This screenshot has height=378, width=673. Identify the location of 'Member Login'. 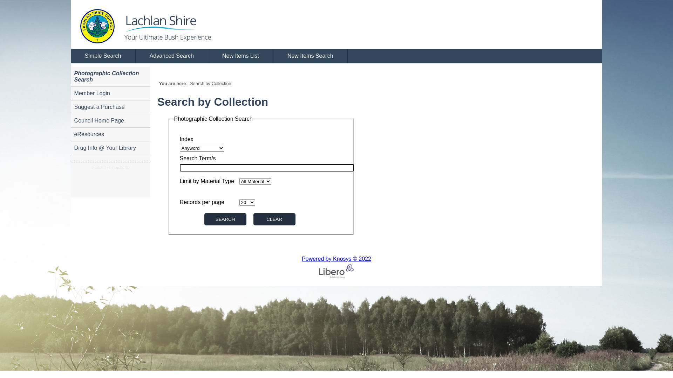
(110, 93).